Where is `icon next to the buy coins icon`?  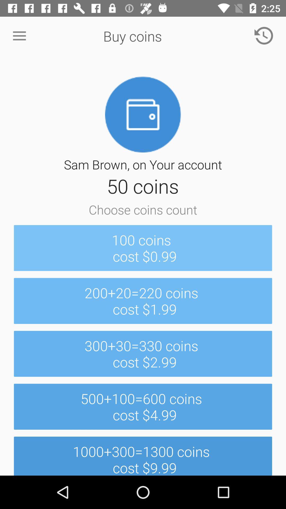 icon next to the buy coins icon is located at coordinates (19, 36).